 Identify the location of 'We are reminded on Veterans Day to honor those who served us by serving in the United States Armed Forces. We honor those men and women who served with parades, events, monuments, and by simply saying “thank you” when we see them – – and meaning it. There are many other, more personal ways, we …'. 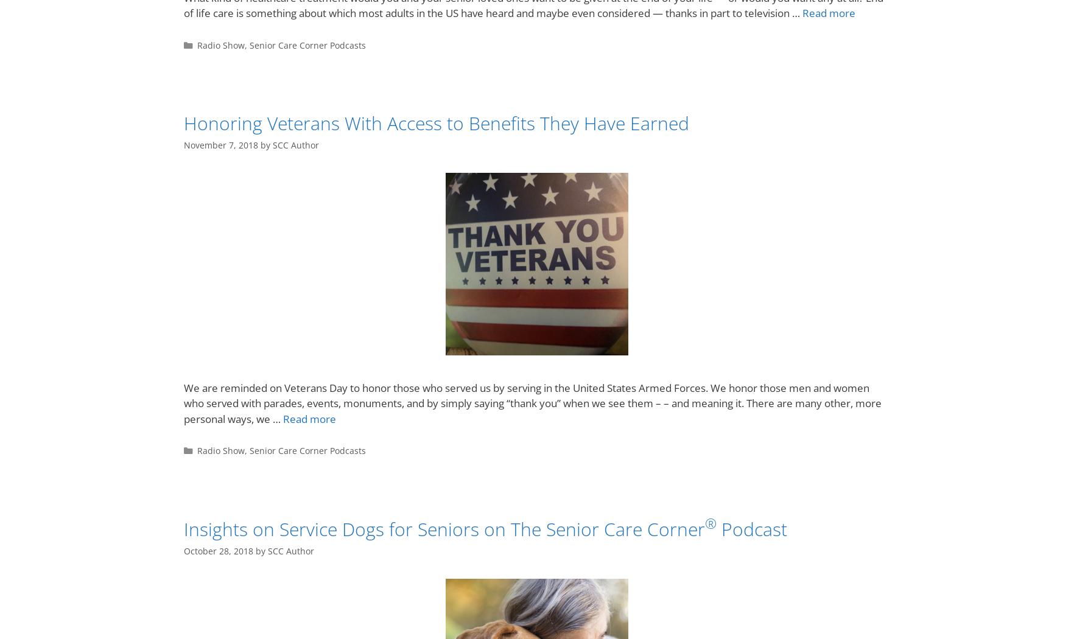
(532, 402).